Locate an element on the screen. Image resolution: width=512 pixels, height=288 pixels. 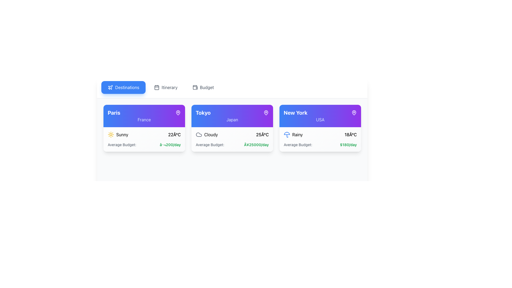
the header section of the card displaying the destination name 'Paris' and its country 'France'. This header is located in the top-left portion of the card, above weather and budget information is located at coordinates (144, 116).